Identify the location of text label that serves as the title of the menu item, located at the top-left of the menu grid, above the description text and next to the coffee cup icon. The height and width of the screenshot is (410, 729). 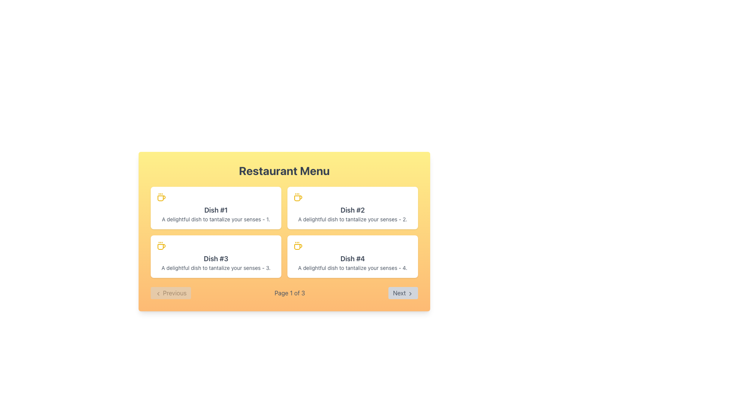
(216, 210).